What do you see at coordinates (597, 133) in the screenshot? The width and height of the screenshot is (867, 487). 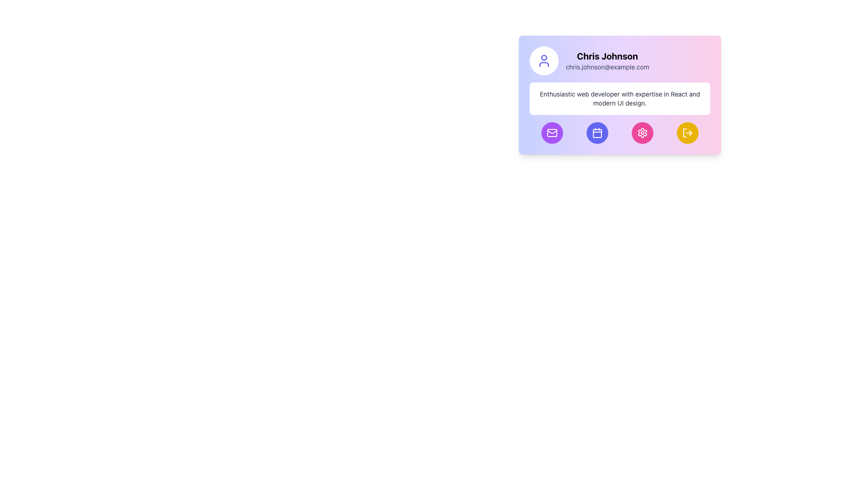 I see `the circular indigo button with a white calendar icon located between the purple mail icon button and the pink settings icon button` at bounding box center [597, 133].